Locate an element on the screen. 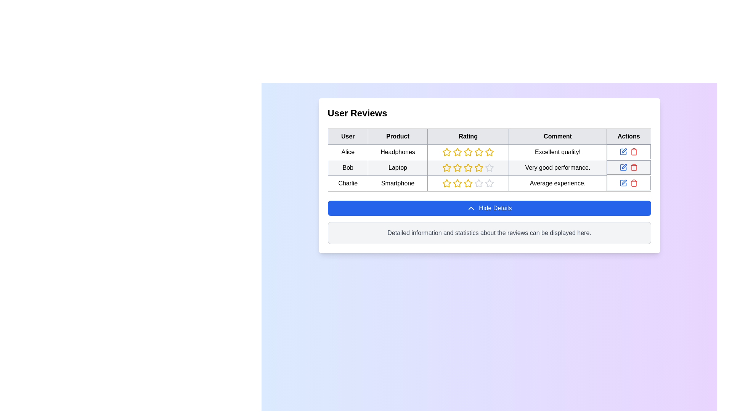 The width and height of the screenshot is (732, 412). the edit button in the 'Actions' column of the first row of the user reviews table, which corresponds to the review with the comment 'Excellent quality!' is located at coordinates (623, 151).